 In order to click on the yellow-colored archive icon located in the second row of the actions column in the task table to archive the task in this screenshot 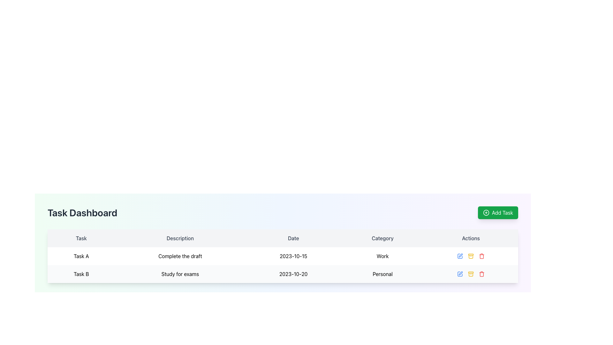, I will do `click(471, 273)`.